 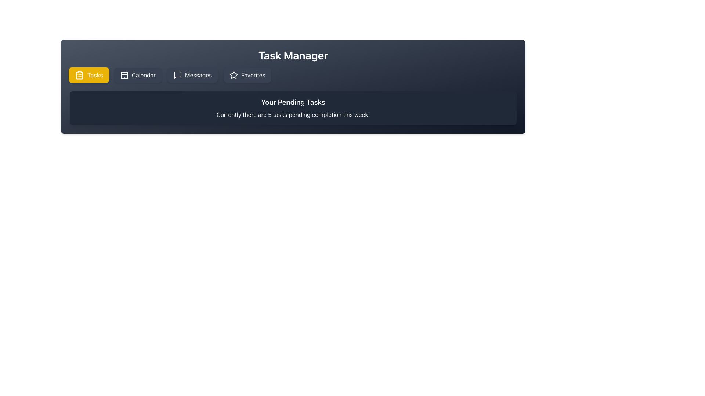 What do you see at coordinates (178, 75) in the screenshot?
I see `the 'Messages' icon in the navigation menu` at bounding box center [178, 75].